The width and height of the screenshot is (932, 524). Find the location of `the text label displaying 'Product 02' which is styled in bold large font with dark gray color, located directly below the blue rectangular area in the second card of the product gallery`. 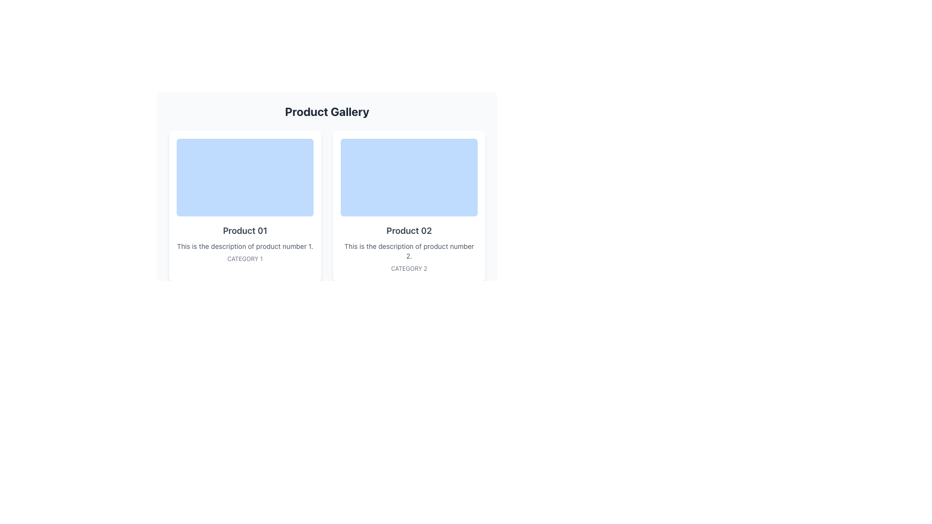

the text label displaying 'Product 02' which is styled in bold large font with dark gray color, located directly below the blue rectangular area in the second card of the product gallery is located at coordinates (409, 230).